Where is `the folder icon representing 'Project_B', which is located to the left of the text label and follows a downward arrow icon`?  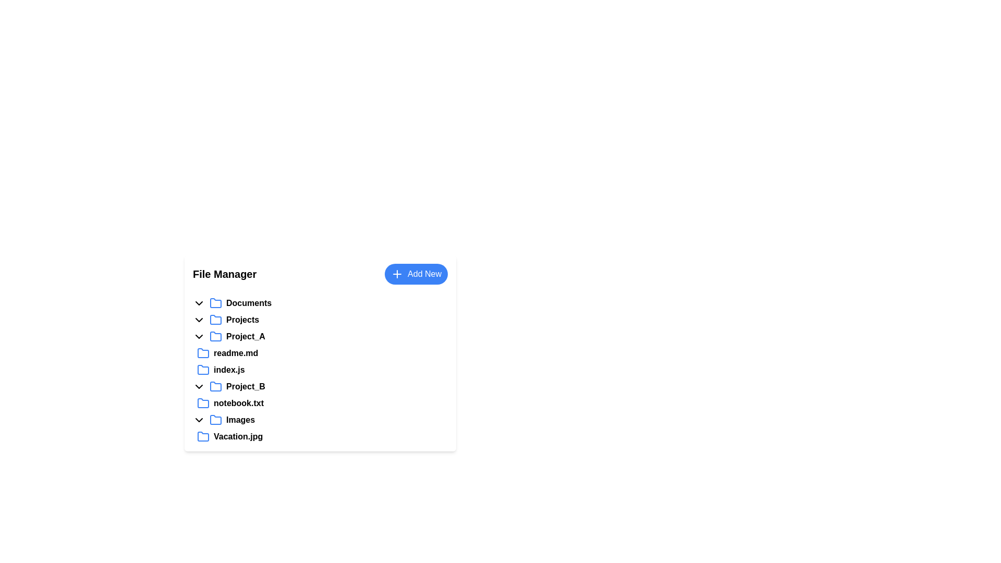
the folder icon representing 'Project_B', which is located to the left of the text label and follows a downward arrow icon is located at coordinates (215, 386).